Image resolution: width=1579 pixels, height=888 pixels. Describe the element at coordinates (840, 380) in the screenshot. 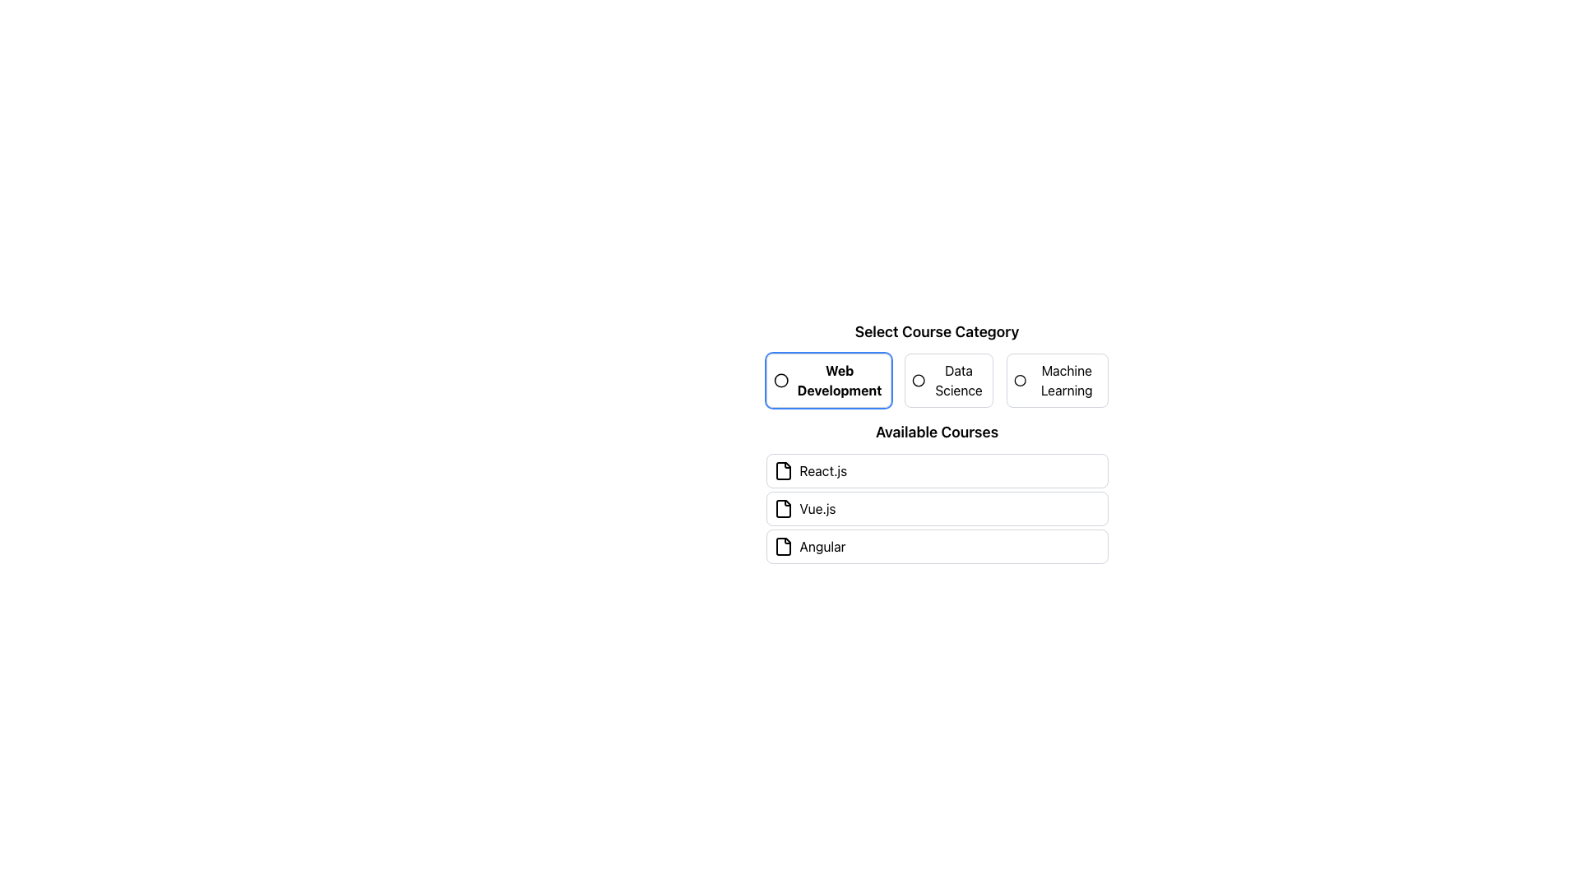

I see `the 'Web Development' text label` at that location.